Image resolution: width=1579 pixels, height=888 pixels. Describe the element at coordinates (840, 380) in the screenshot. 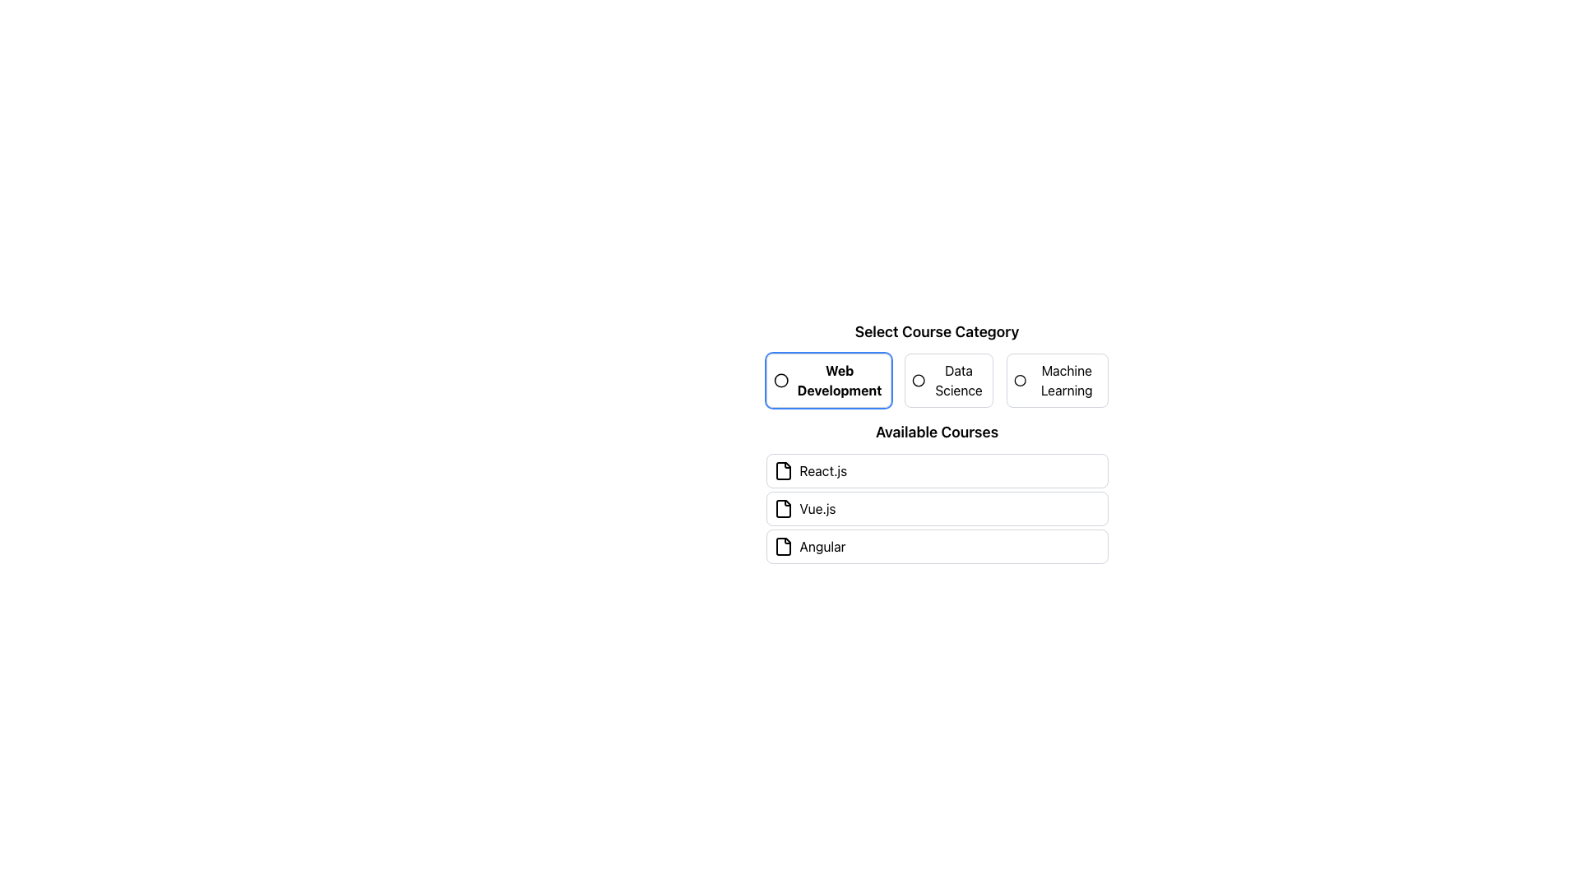

I see `the 'Web Development' text label` at that location.